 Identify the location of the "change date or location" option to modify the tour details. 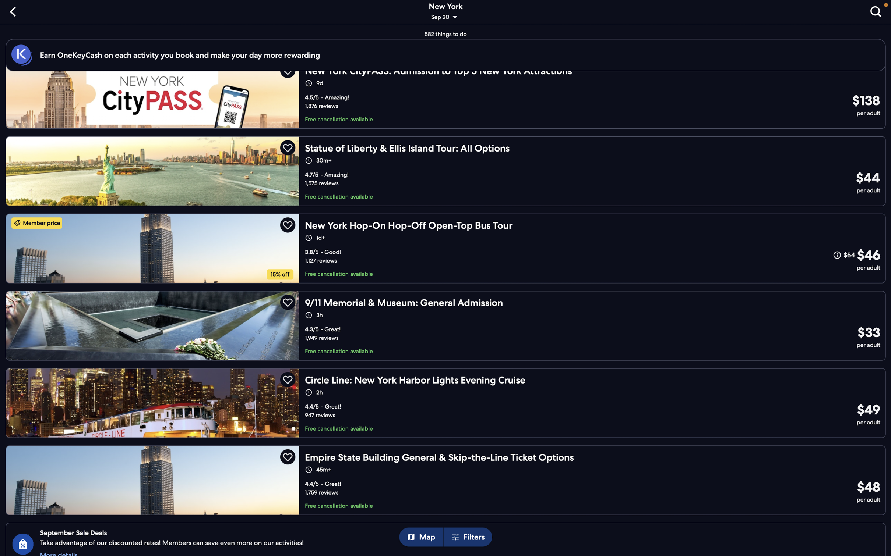
(446, 13).